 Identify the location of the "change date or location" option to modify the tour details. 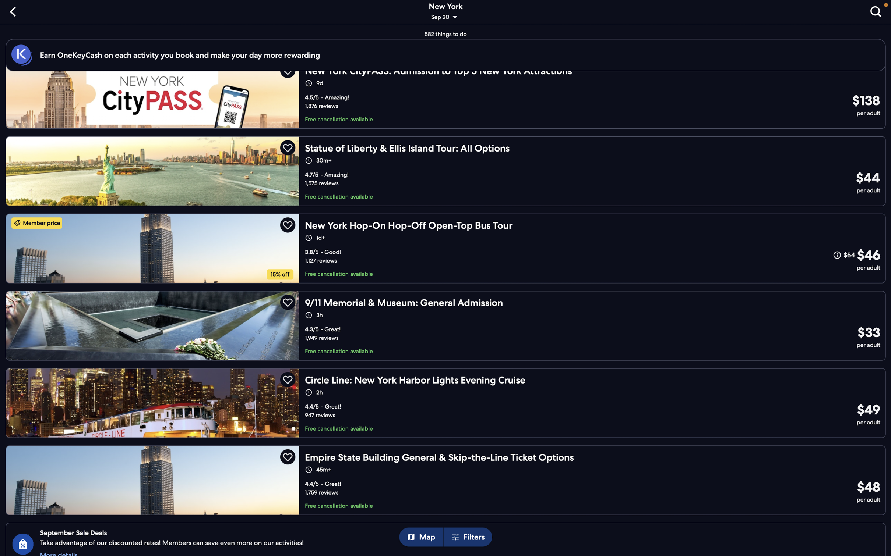
(446, 13).